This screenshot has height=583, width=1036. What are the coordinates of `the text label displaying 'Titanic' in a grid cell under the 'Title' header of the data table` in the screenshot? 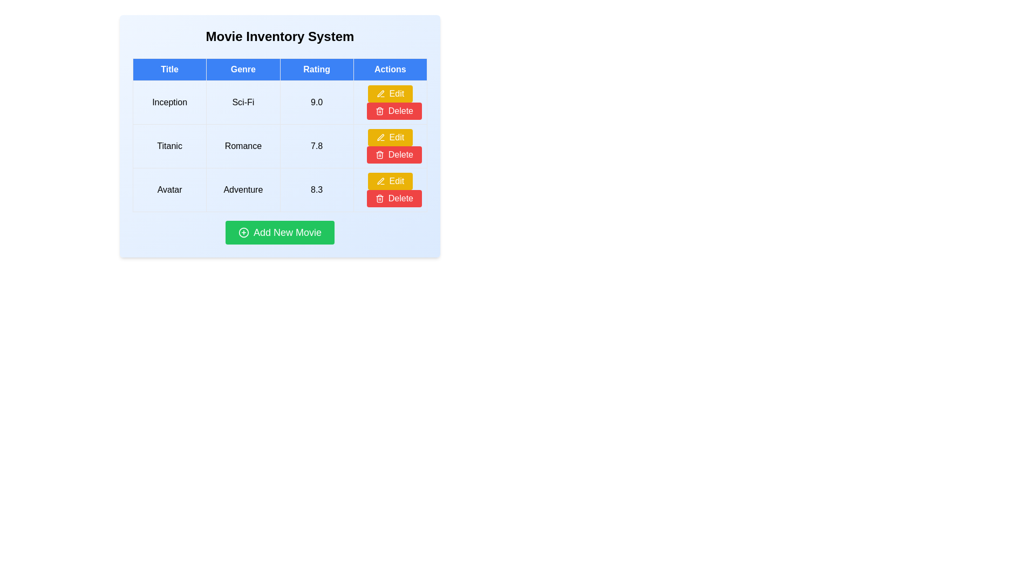 It's located at (169, 146).